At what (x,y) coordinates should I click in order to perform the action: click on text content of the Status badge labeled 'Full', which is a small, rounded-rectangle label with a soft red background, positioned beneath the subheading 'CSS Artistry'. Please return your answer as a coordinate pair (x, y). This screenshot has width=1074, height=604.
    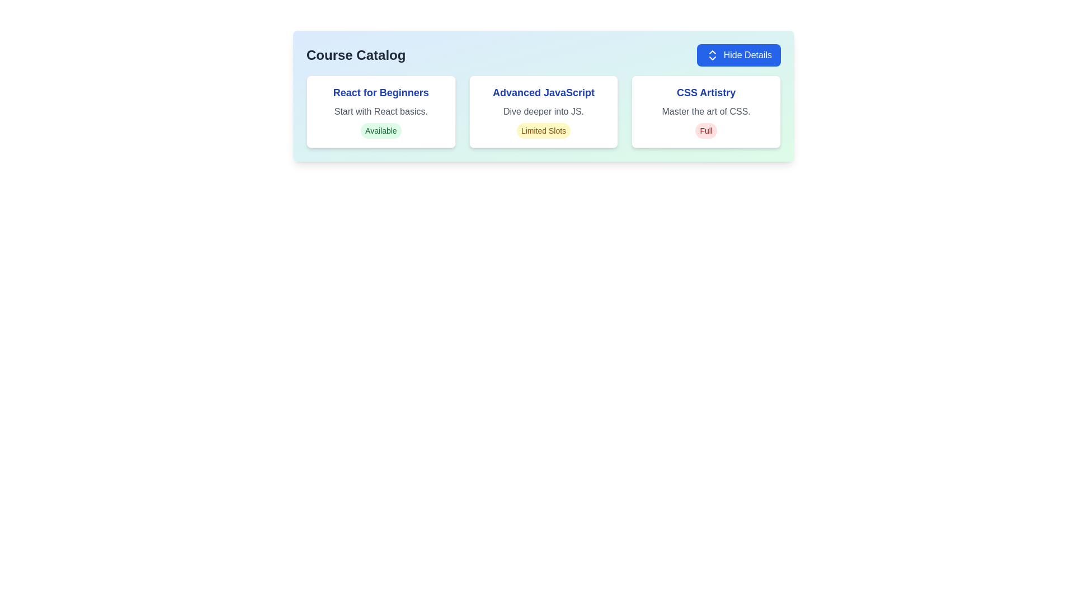
    Looking at the image, I should click on (705, 130).